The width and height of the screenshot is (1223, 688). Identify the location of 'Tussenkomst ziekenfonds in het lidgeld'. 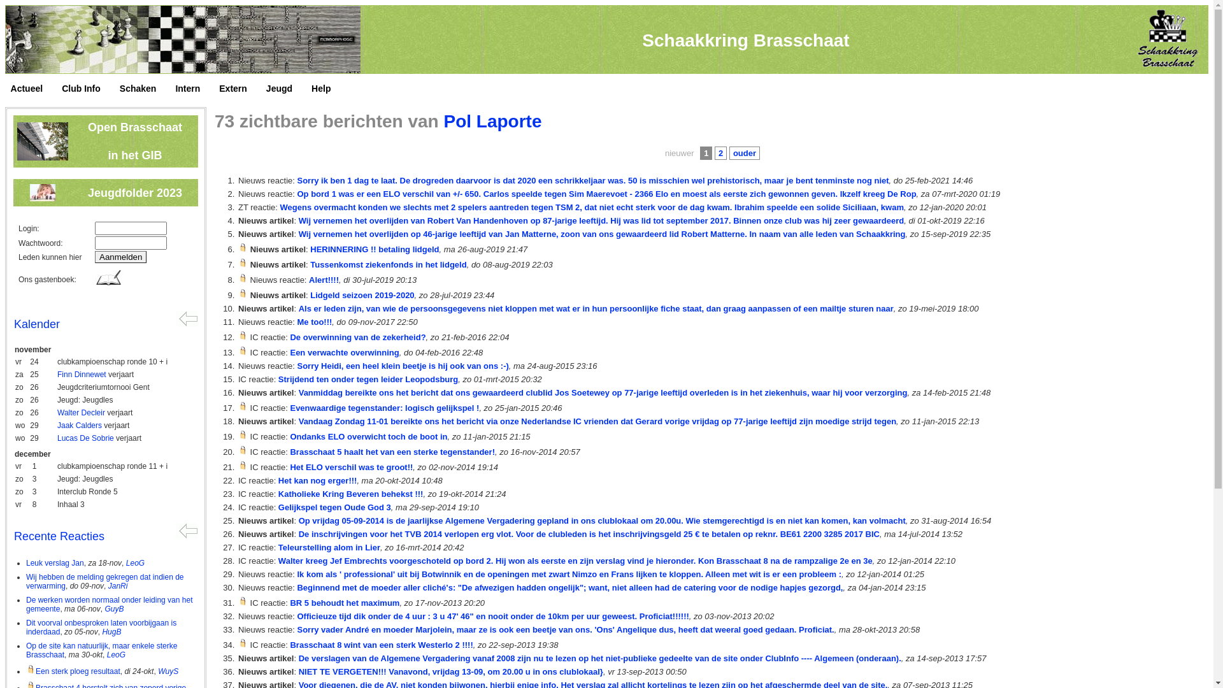
(387, 264).